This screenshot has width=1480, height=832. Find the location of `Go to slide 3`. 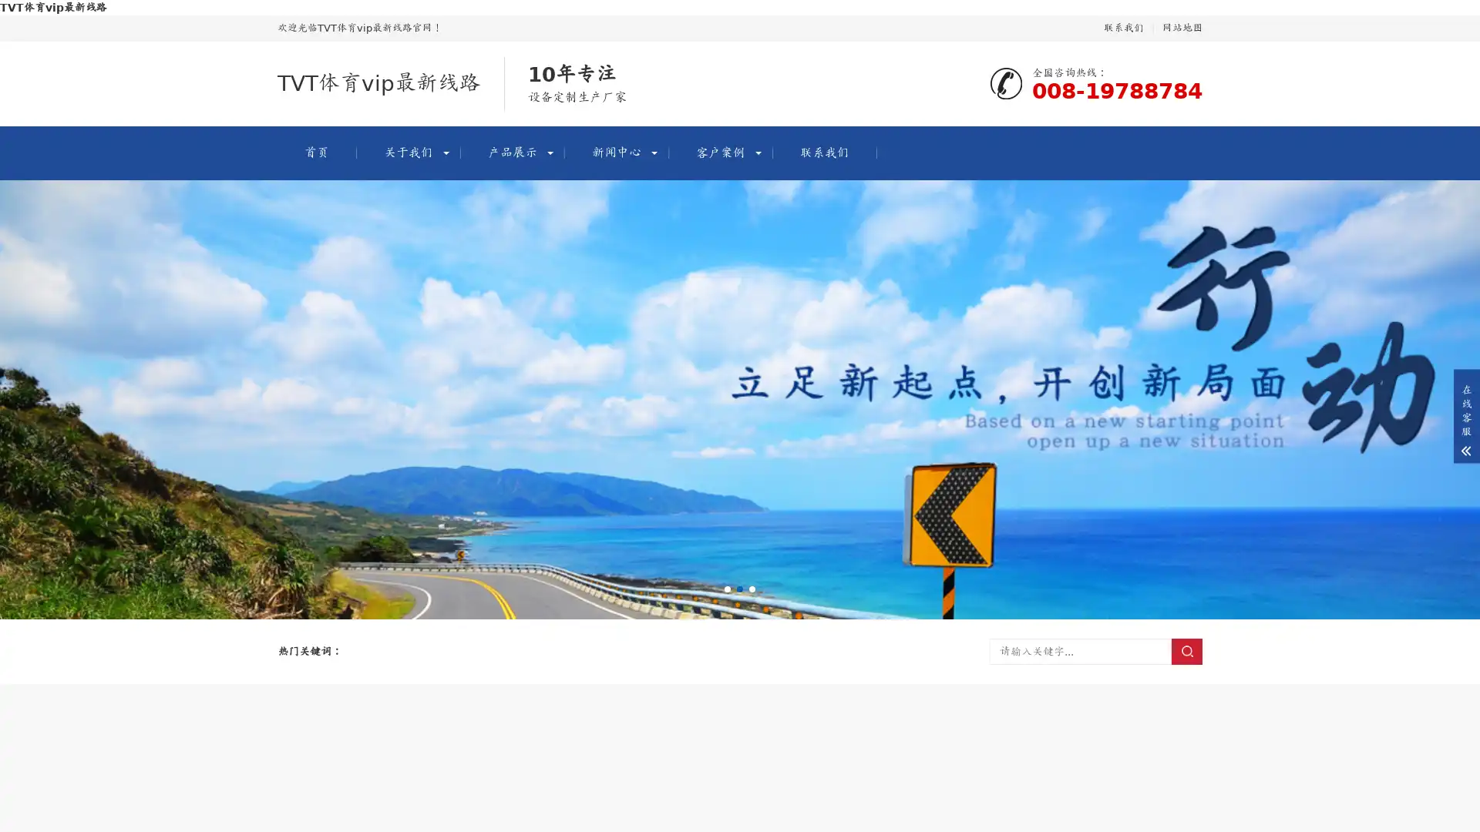

Go to slide 3 is located at coordinates (752, 589).